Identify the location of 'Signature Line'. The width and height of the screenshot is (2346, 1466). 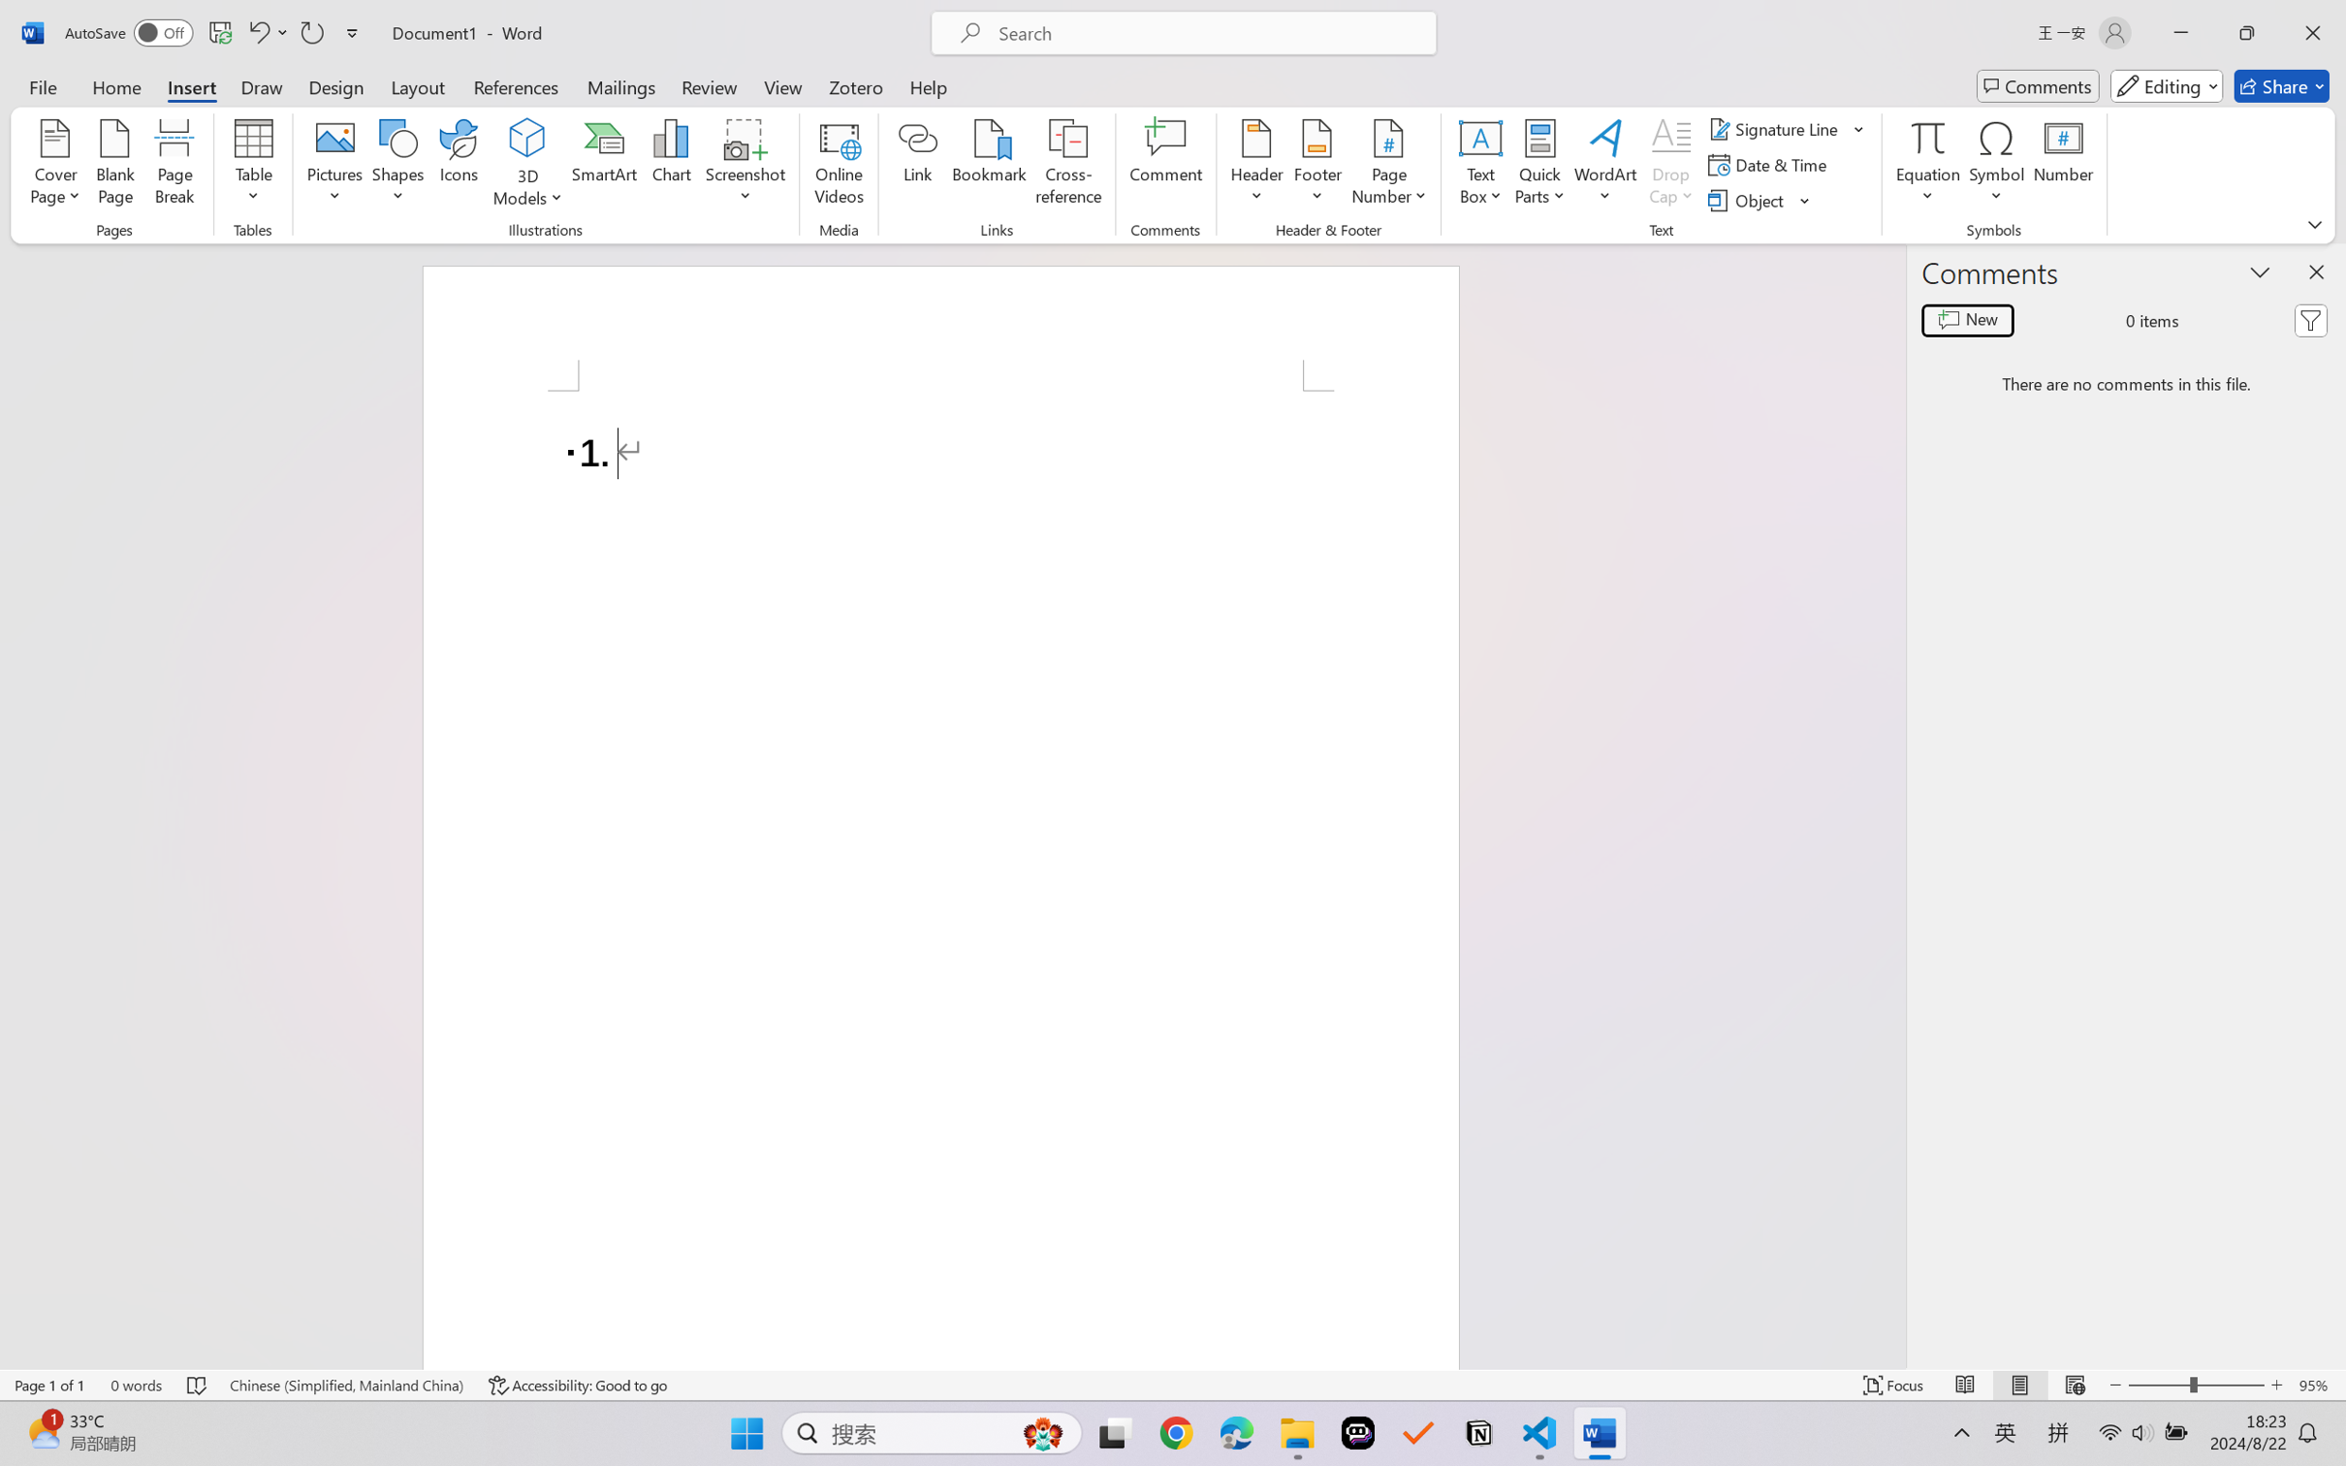
(1775, 127).